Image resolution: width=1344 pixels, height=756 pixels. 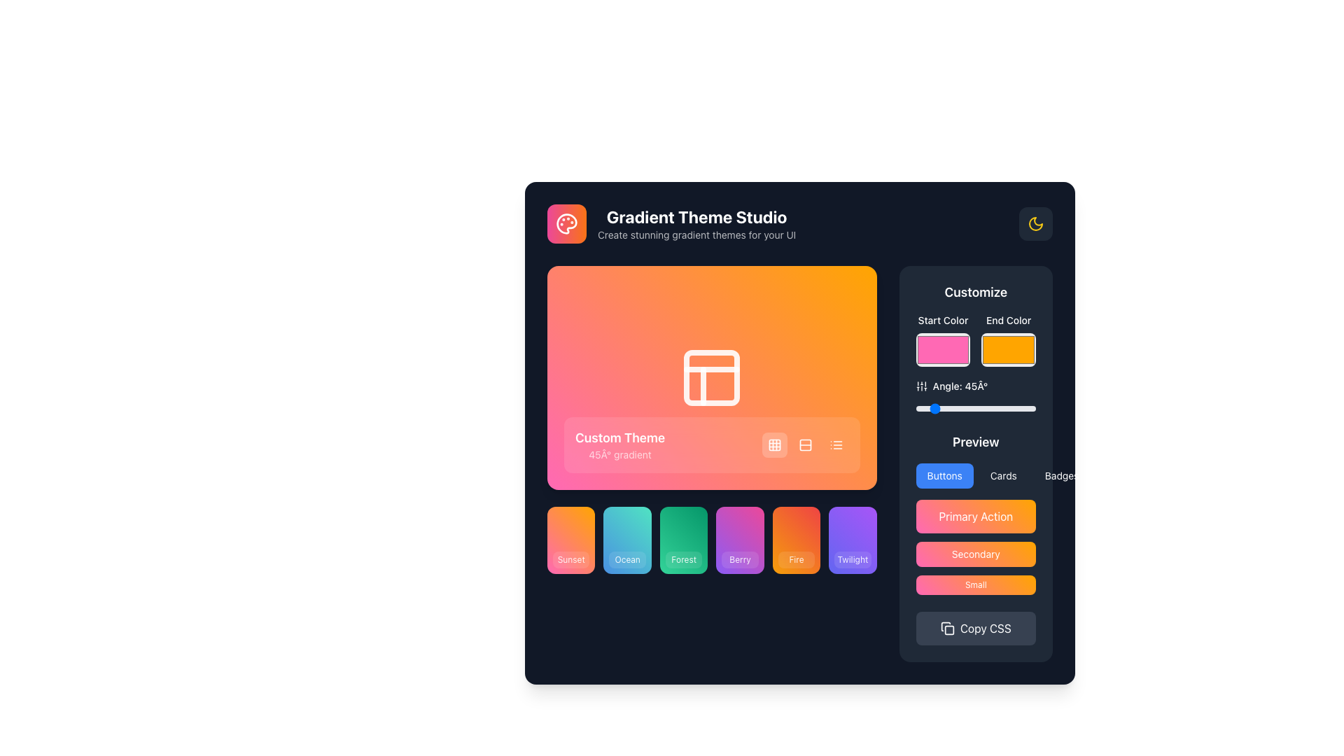 I want to click on the second square button with a two-row grid layout icon located in the 'Custom Theme' section, so click(x=805, y=445).